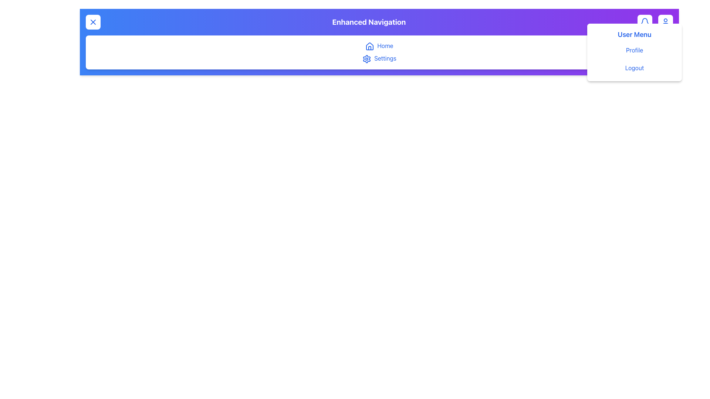 This screenshot has height=399, width=710. Describe the element at coordinates (644, 21) in the screenshot. I see `the notification bell icon located in the top-right corner of the interface` at that location.